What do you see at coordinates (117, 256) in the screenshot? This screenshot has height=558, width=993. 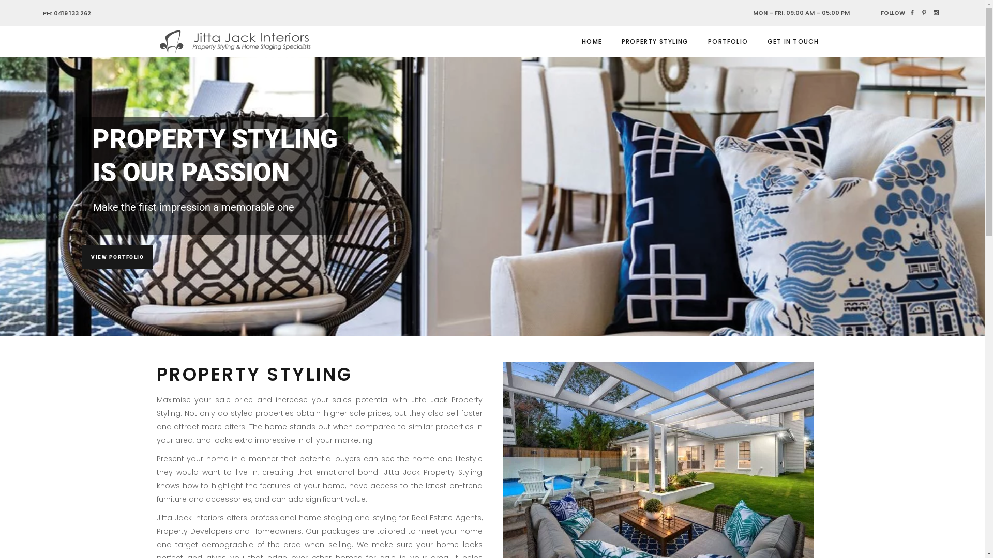 I see `'VIEW PORTFOLIO'` at bounding box center [117, 256].